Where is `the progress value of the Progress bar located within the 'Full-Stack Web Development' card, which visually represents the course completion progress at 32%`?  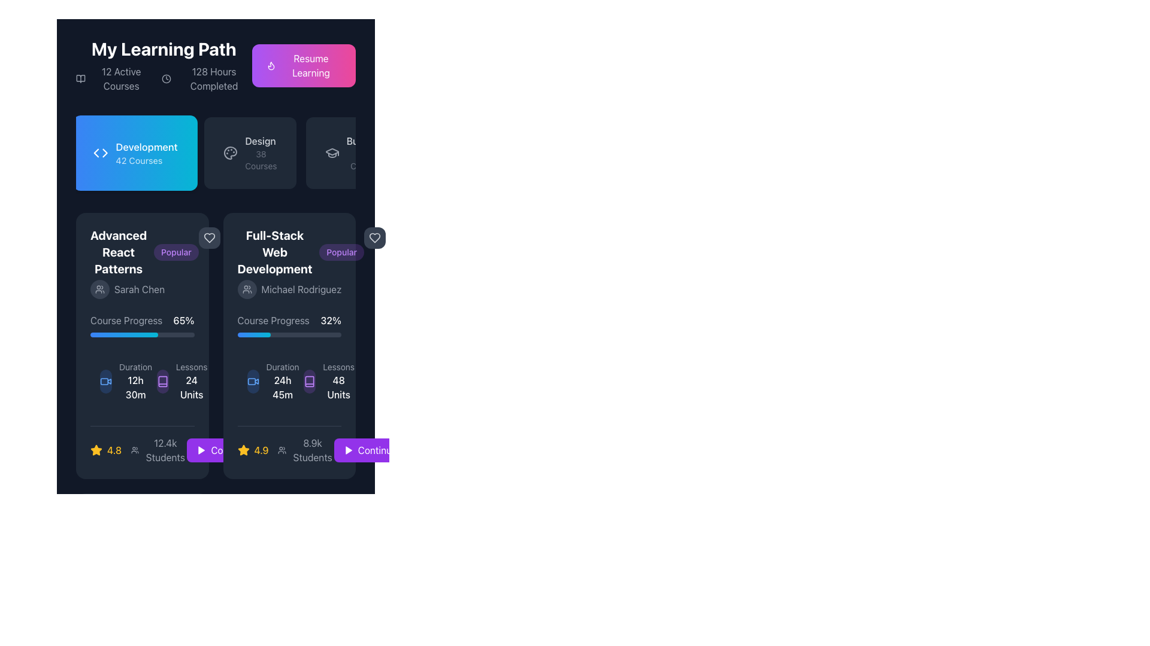
the progress value of the Progress bar located within the 'Full-Stack Web Development' card, which visually represents the course completion progress at 32% is located at coordinates (289, 334).